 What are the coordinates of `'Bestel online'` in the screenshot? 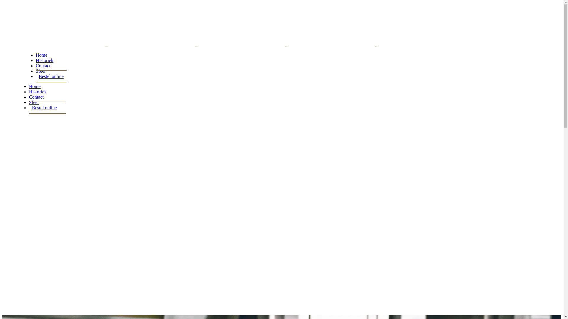 It's located at (51, 76).